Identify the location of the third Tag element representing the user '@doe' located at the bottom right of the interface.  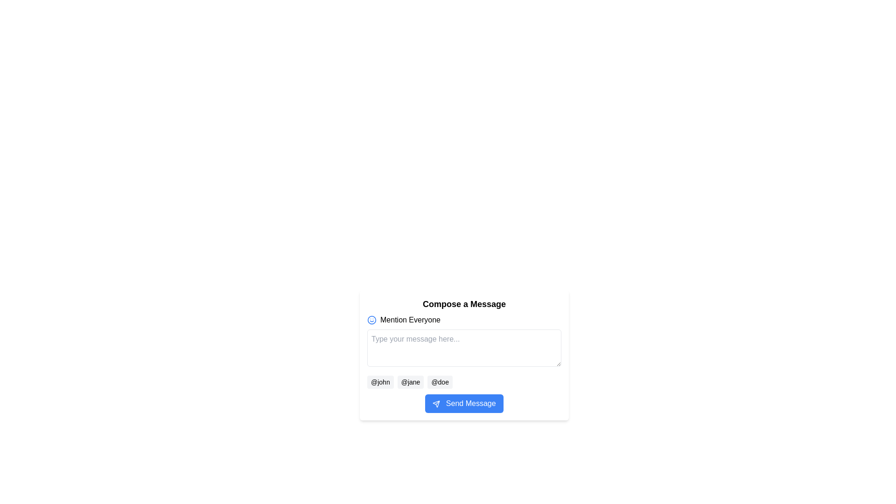
(439, 382).